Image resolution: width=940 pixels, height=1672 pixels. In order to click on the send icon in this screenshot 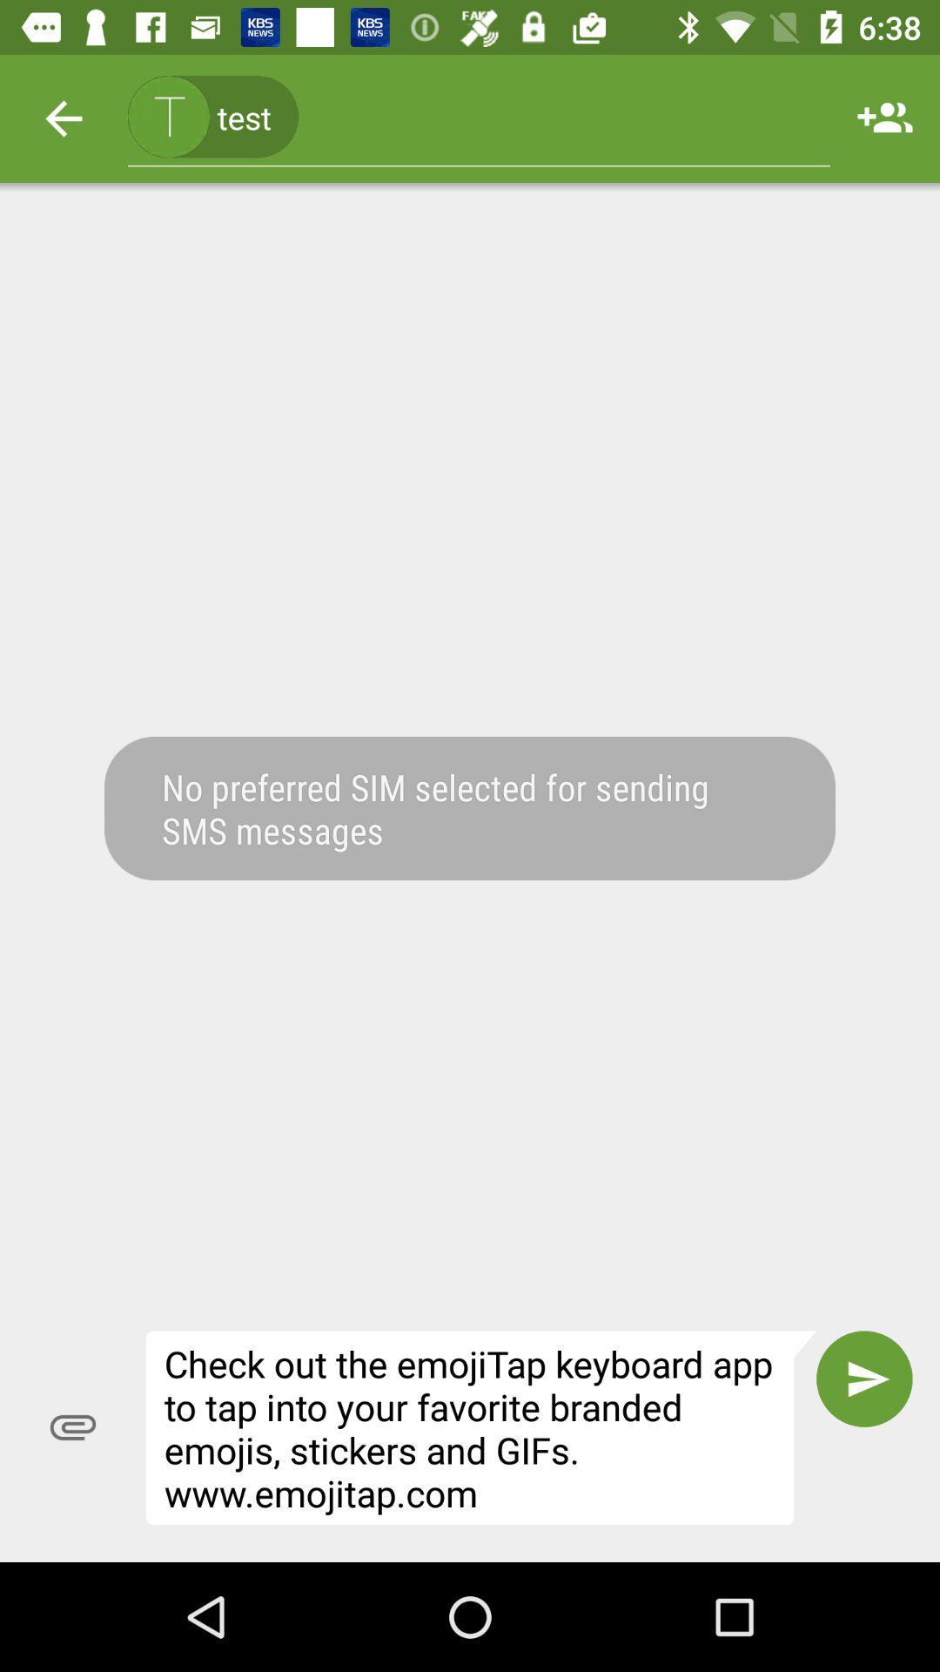, I will do `click(864, 1378)`.